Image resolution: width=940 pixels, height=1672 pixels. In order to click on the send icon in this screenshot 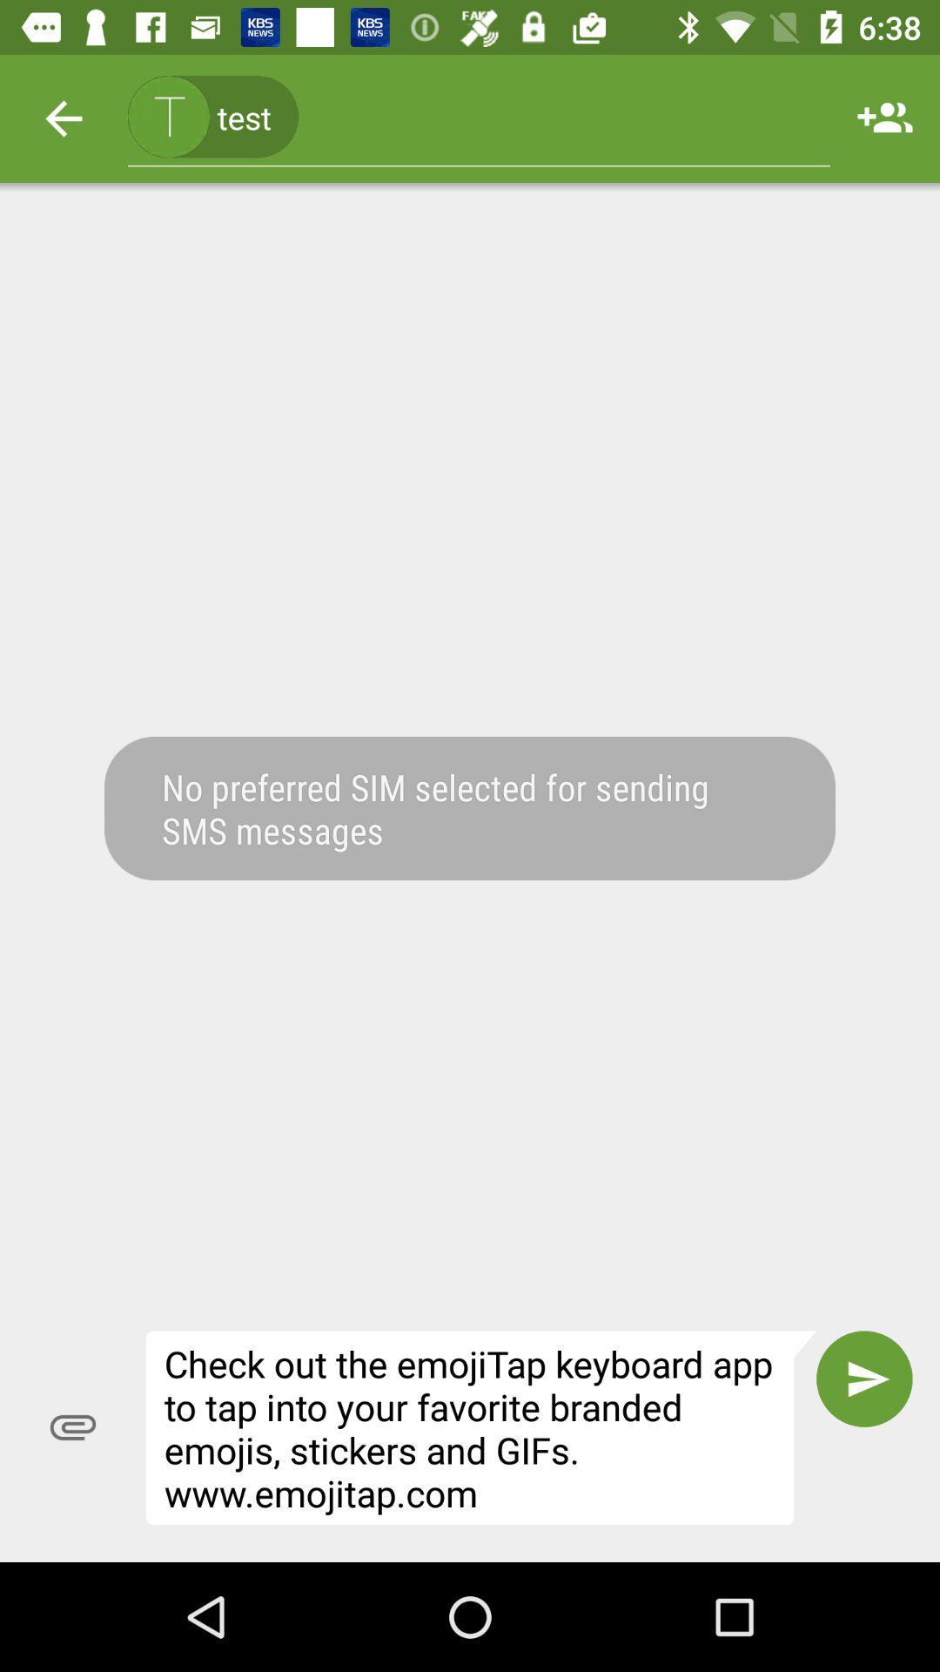, I will do `click(864, 1378)`.